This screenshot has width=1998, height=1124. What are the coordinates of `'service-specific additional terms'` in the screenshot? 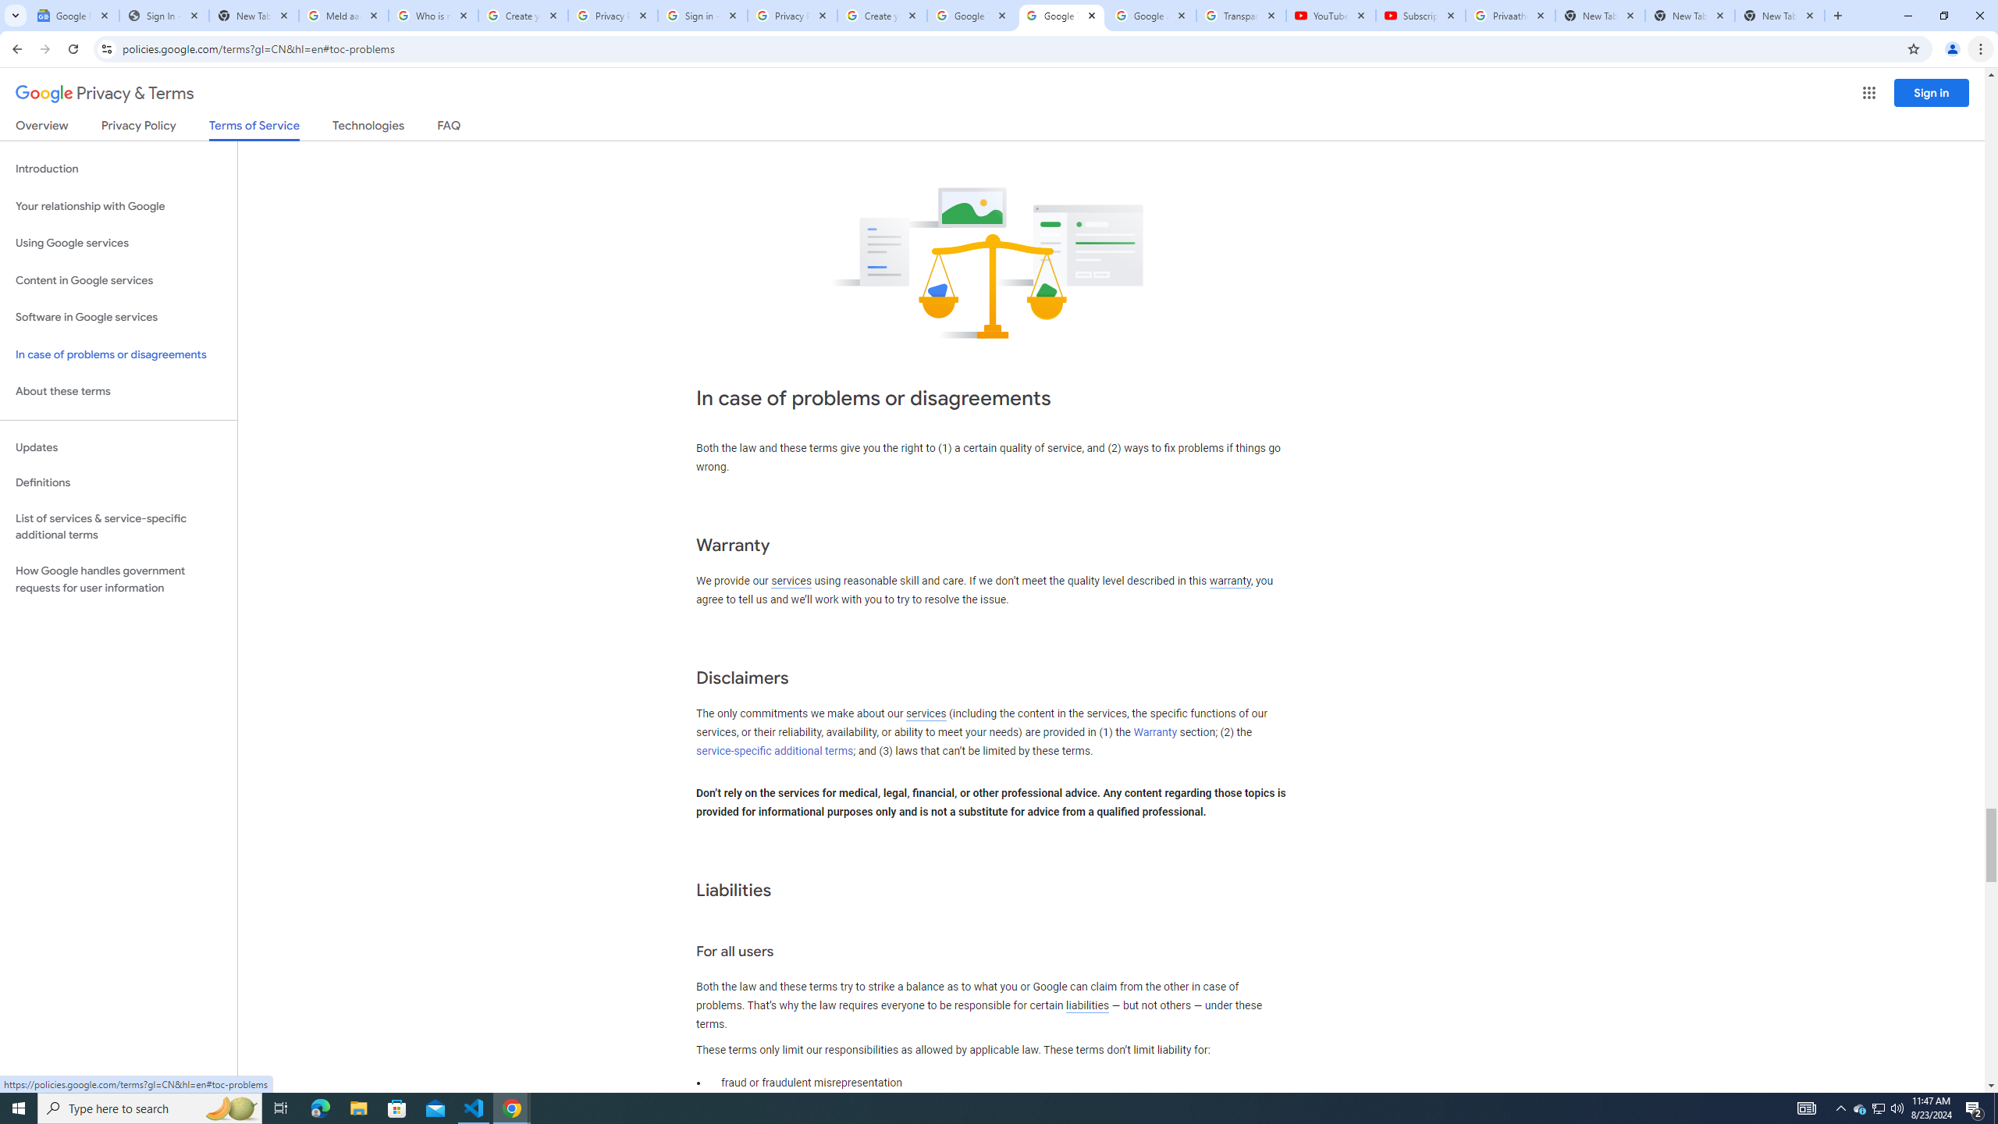 It's located at (773, 750).